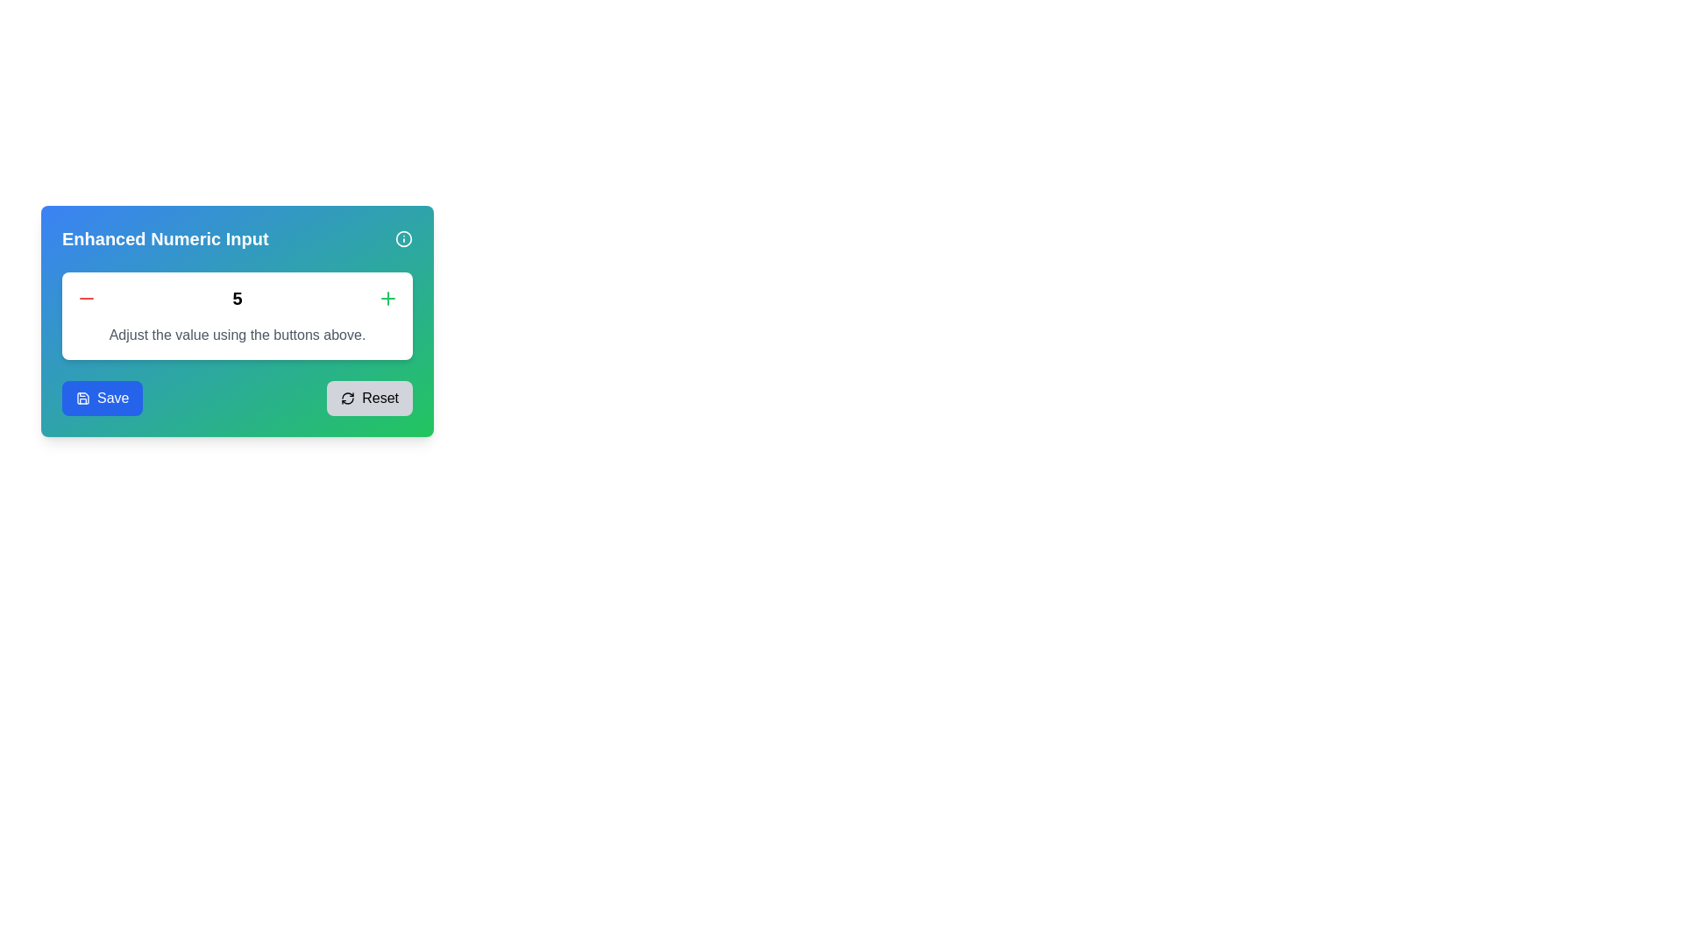 The height and width of the screenshot is (946, 1683). What do you see at coordinates (387, 297) in the screenshot?
I see `the button located on the right side of the numeric value display box to increase the number displayed` at bounding box center [387, 297].